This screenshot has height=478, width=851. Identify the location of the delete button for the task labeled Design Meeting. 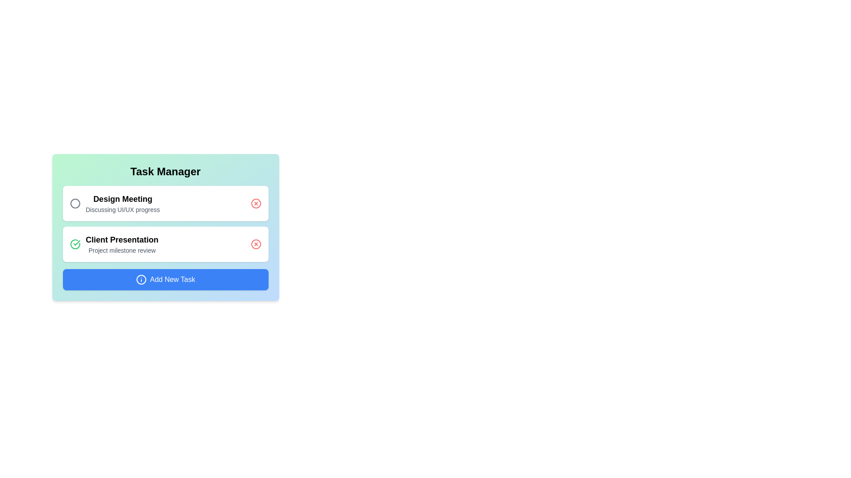
(255, 203).